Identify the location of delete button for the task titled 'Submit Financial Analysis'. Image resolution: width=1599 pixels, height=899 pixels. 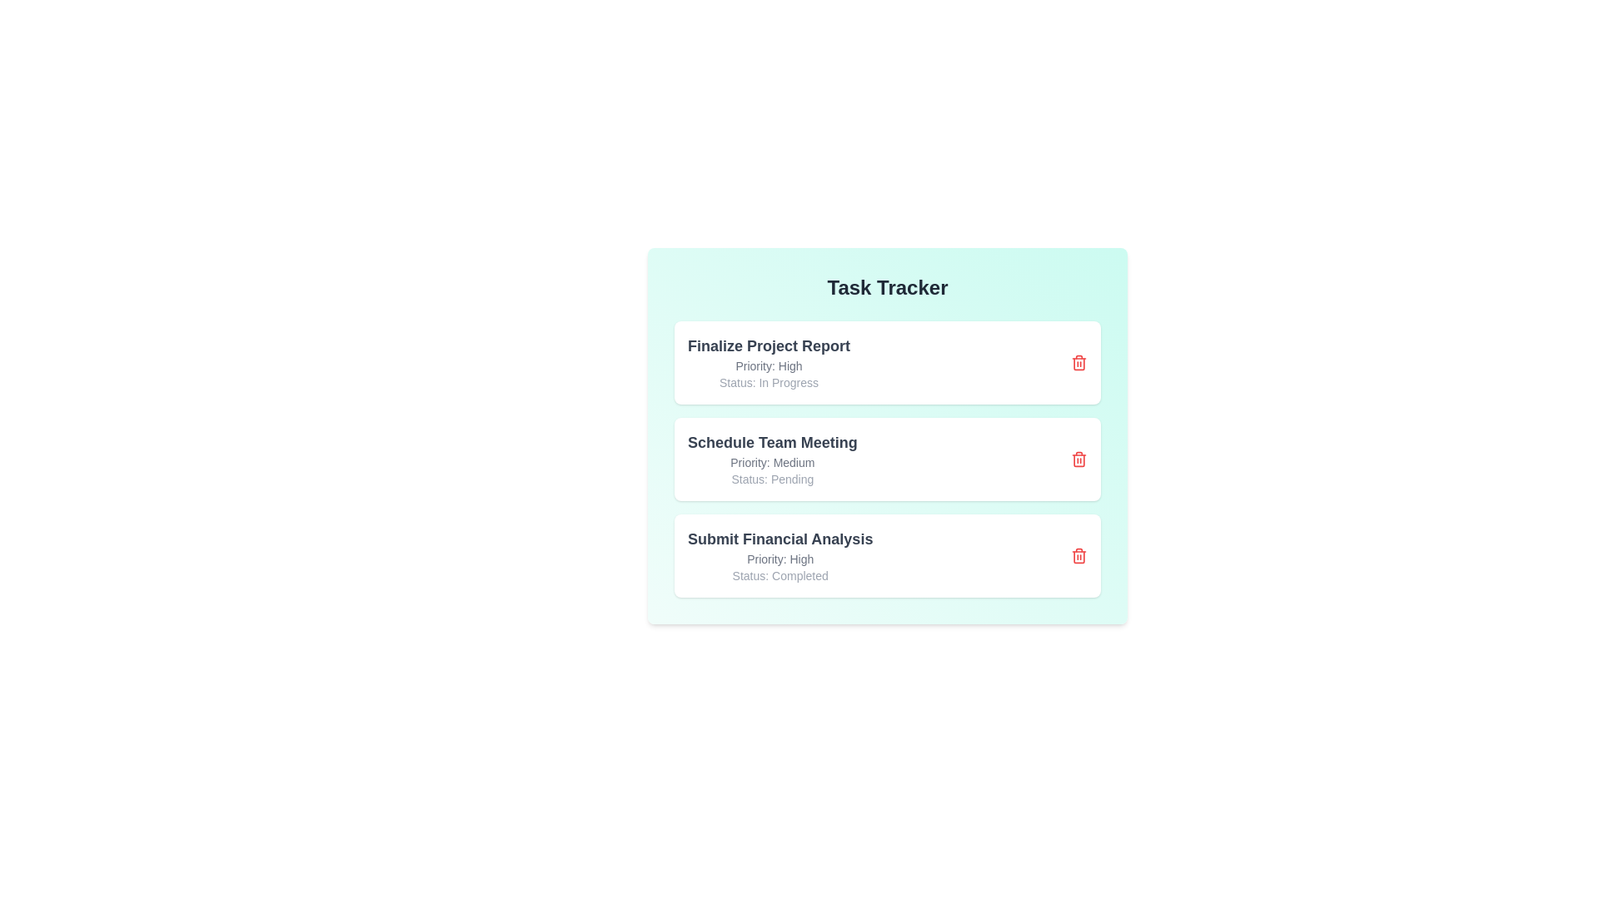
(1079, 555).